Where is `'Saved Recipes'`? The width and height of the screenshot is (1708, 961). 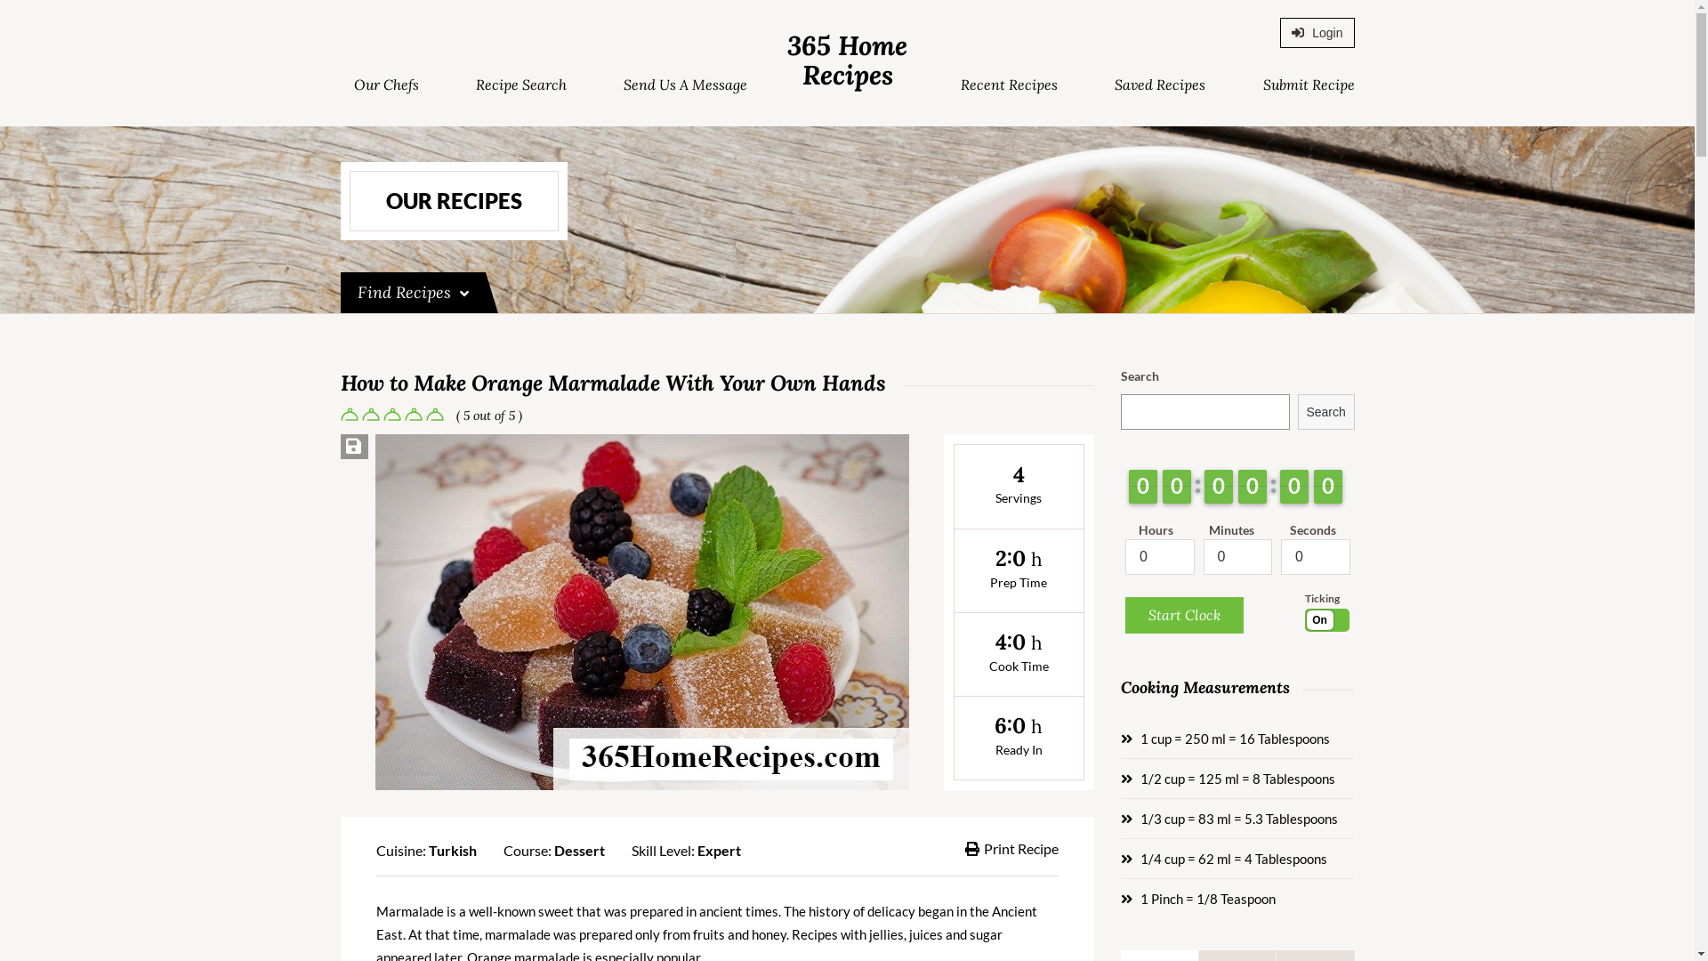
'Saved Recipes' is located at coordinates (1160, 85).